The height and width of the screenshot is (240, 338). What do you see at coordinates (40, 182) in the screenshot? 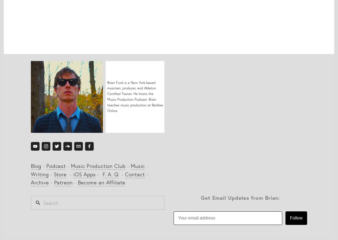
I see `'Archive'` at bounding box center [40, 182].